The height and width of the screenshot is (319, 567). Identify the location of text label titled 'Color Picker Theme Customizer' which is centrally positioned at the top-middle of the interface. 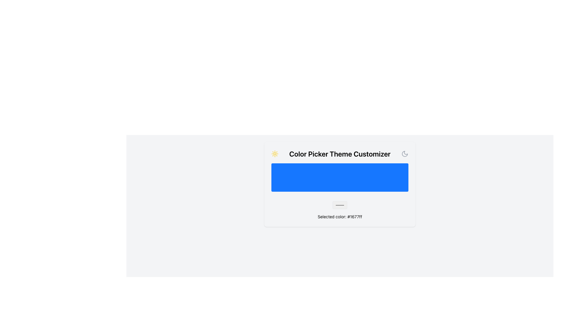
(340, 153).